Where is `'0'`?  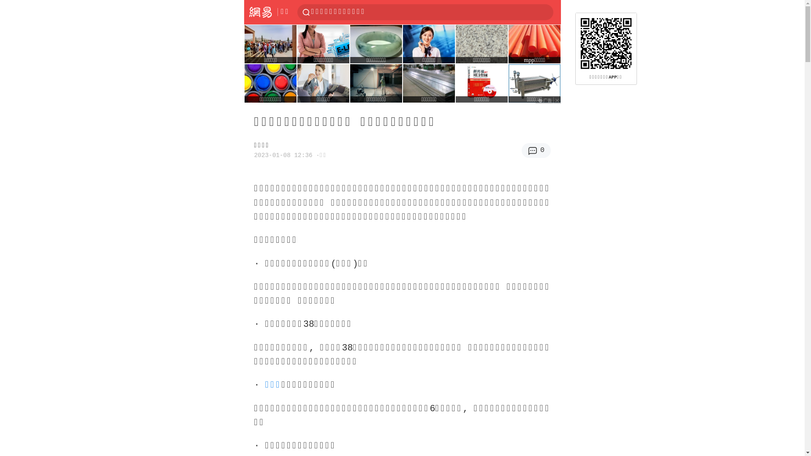 '0' is located at coordinates (536, 150).